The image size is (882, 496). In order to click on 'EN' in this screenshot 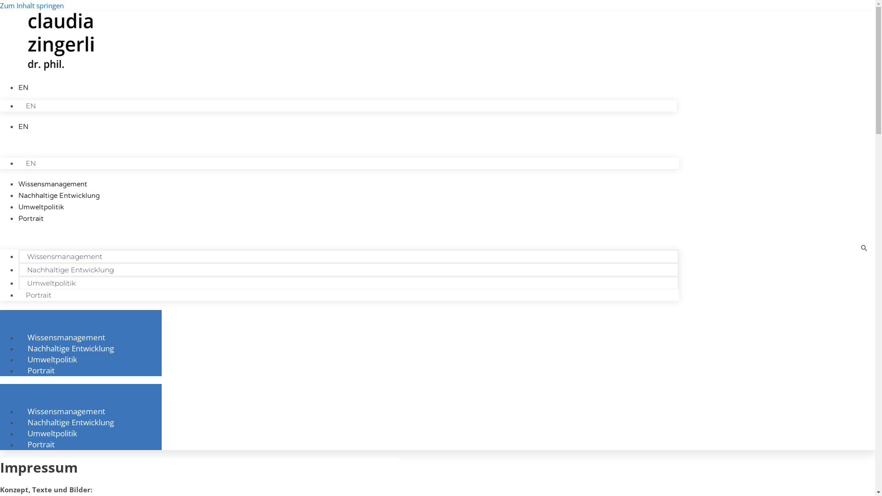, I will do `click(23, 88)`.